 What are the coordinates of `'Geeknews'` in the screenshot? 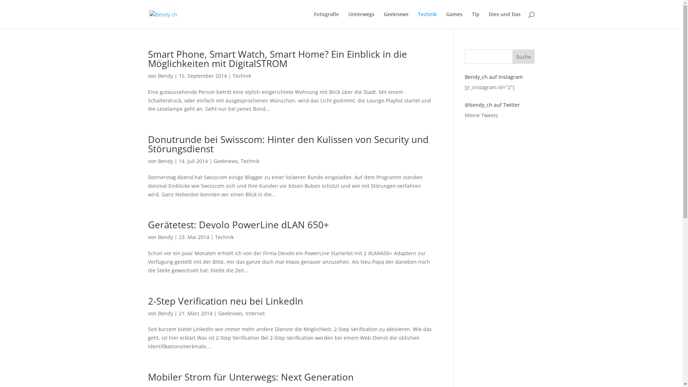 It's located at (395, 20).